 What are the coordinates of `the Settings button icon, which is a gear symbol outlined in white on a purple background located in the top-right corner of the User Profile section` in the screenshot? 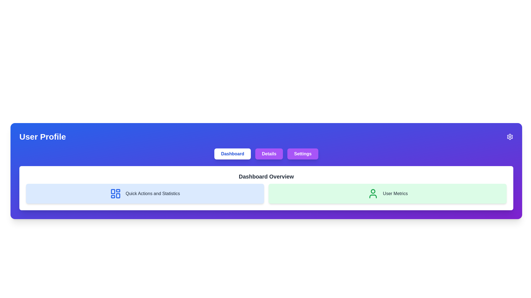 It's located at (509, 137).